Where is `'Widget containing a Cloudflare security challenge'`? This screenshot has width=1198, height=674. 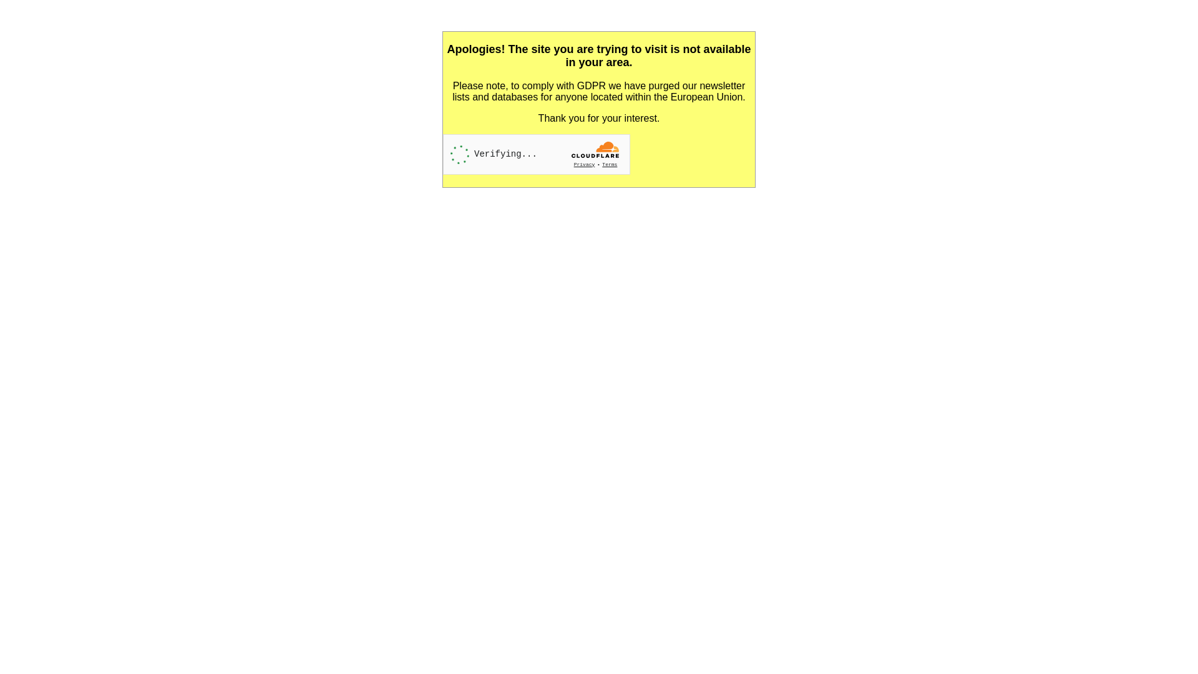 'Widget containing a Cloudflare security challenge' is located at coordinates (536, 154).